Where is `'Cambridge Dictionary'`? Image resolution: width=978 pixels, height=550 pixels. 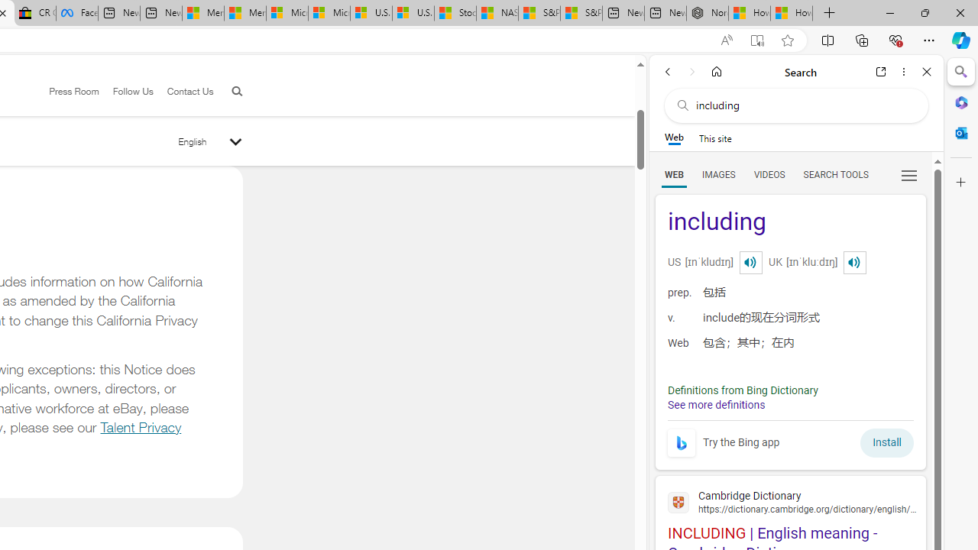 'Cambridge Dictionary' is located at coordinates (790, 501).